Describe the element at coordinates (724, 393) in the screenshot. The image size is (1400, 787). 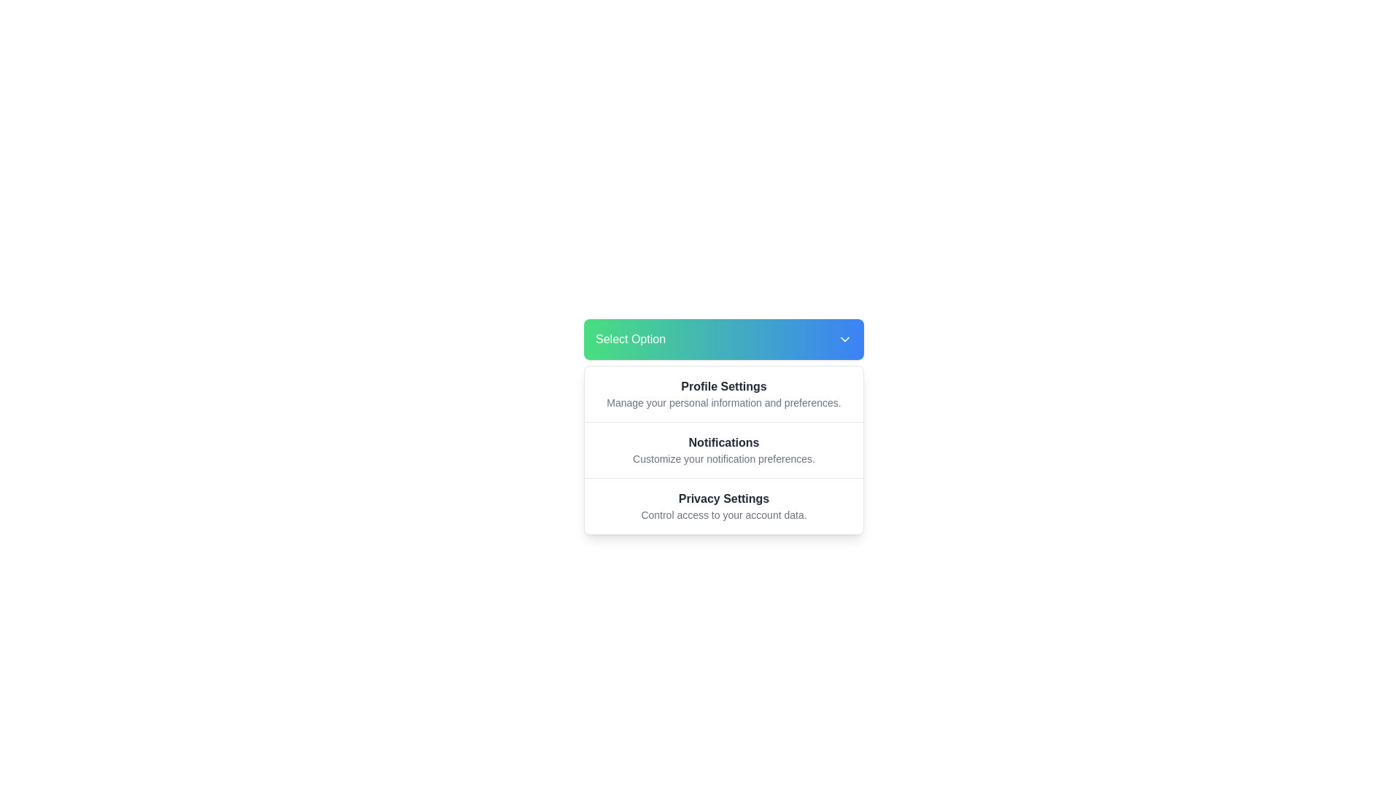
I see `the 'Profile Settings' option, which is the first item in the list under 'Select Option', featuring a bold header and a description text` at that location.